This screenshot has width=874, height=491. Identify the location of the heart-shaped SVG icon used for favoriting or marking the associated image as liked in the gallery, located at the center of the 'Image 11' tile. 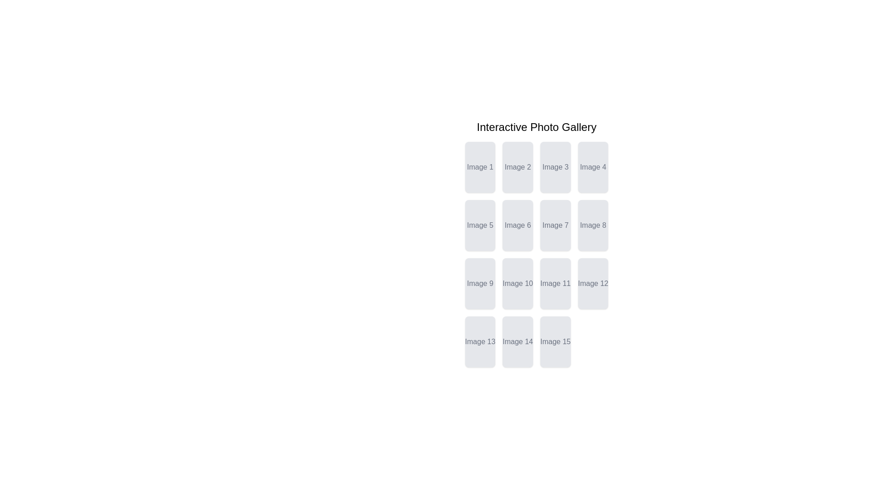
(552, 285).